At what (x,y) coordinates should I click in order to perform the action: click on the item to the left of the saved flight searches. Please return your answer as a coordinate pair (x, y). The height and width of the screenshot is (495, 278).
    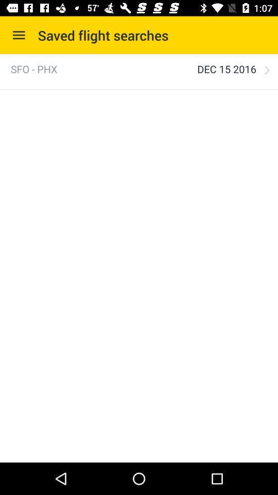
    Looking at the image, I should click on (19, 35).